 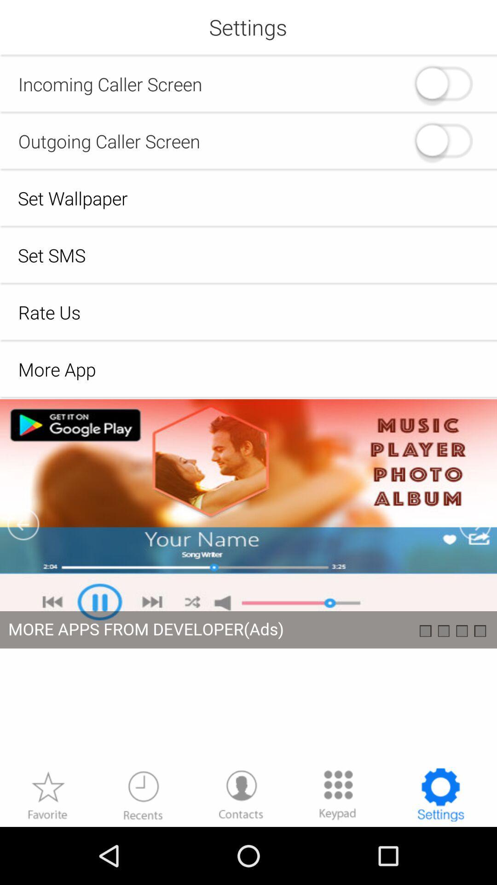 What do you see at coordinates (248, 582) in the screenshot?
I see `setting` at bounding box center [248, 582].